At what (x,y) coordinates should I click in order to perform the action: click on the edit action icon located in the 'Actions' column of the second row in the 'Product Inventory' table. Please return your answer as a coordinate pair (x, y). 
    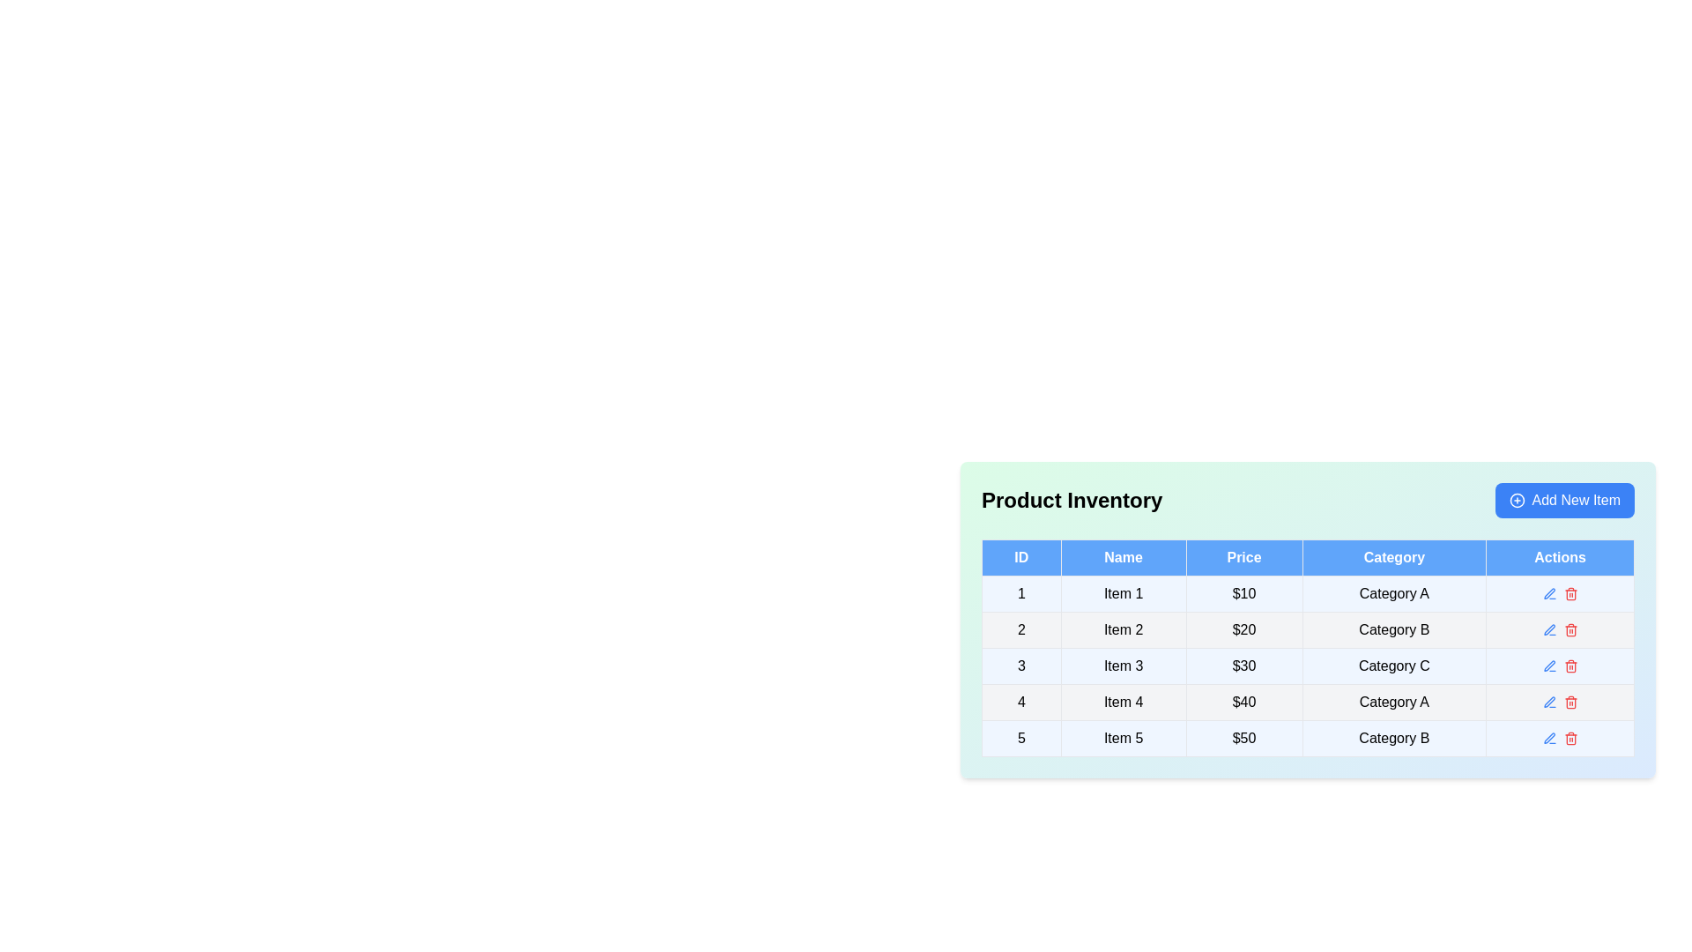
    Looking at the image, I should click on (1548, 628).